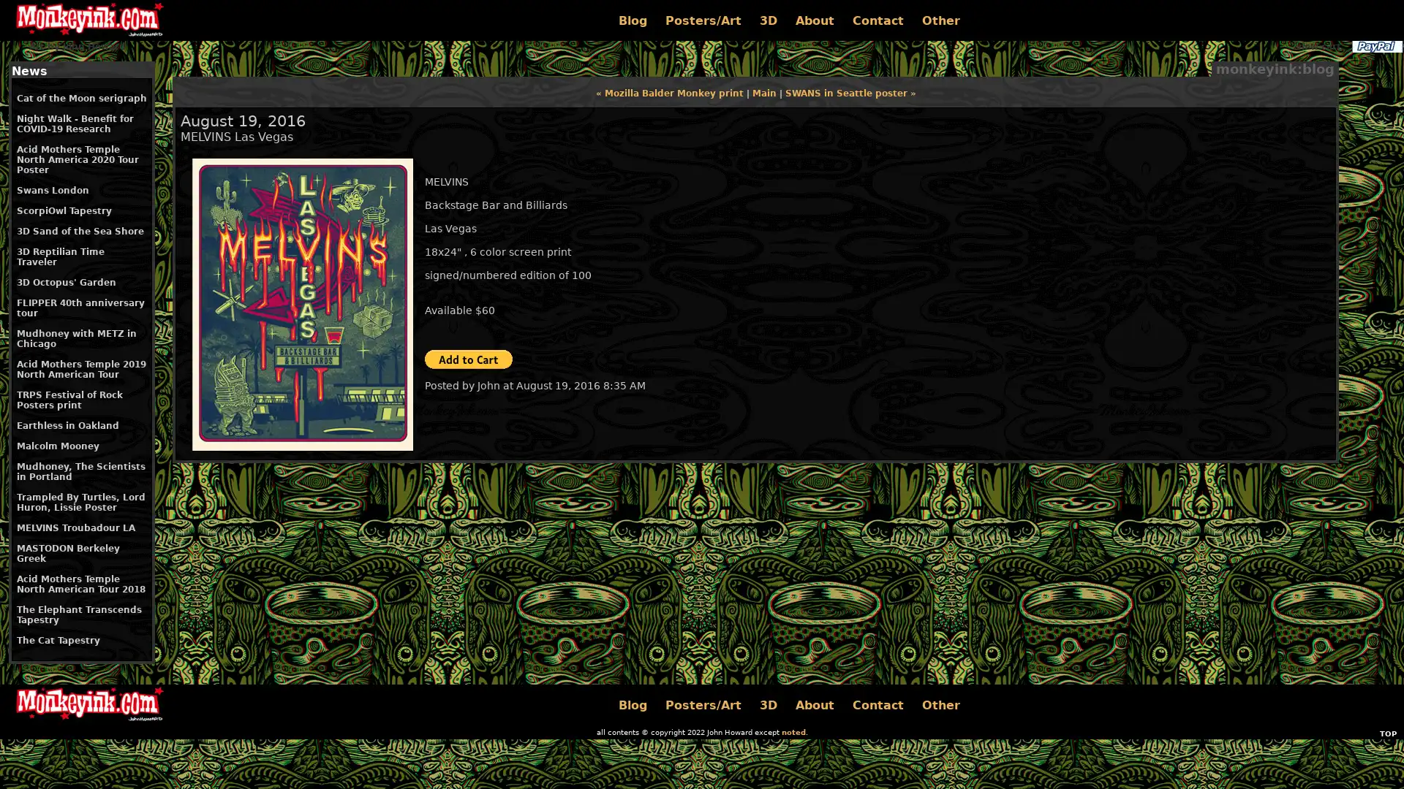  What do you see at coordinates (1375, 46) in the screenshot?
I see `PayPal` at bounding box center [1375, 46].